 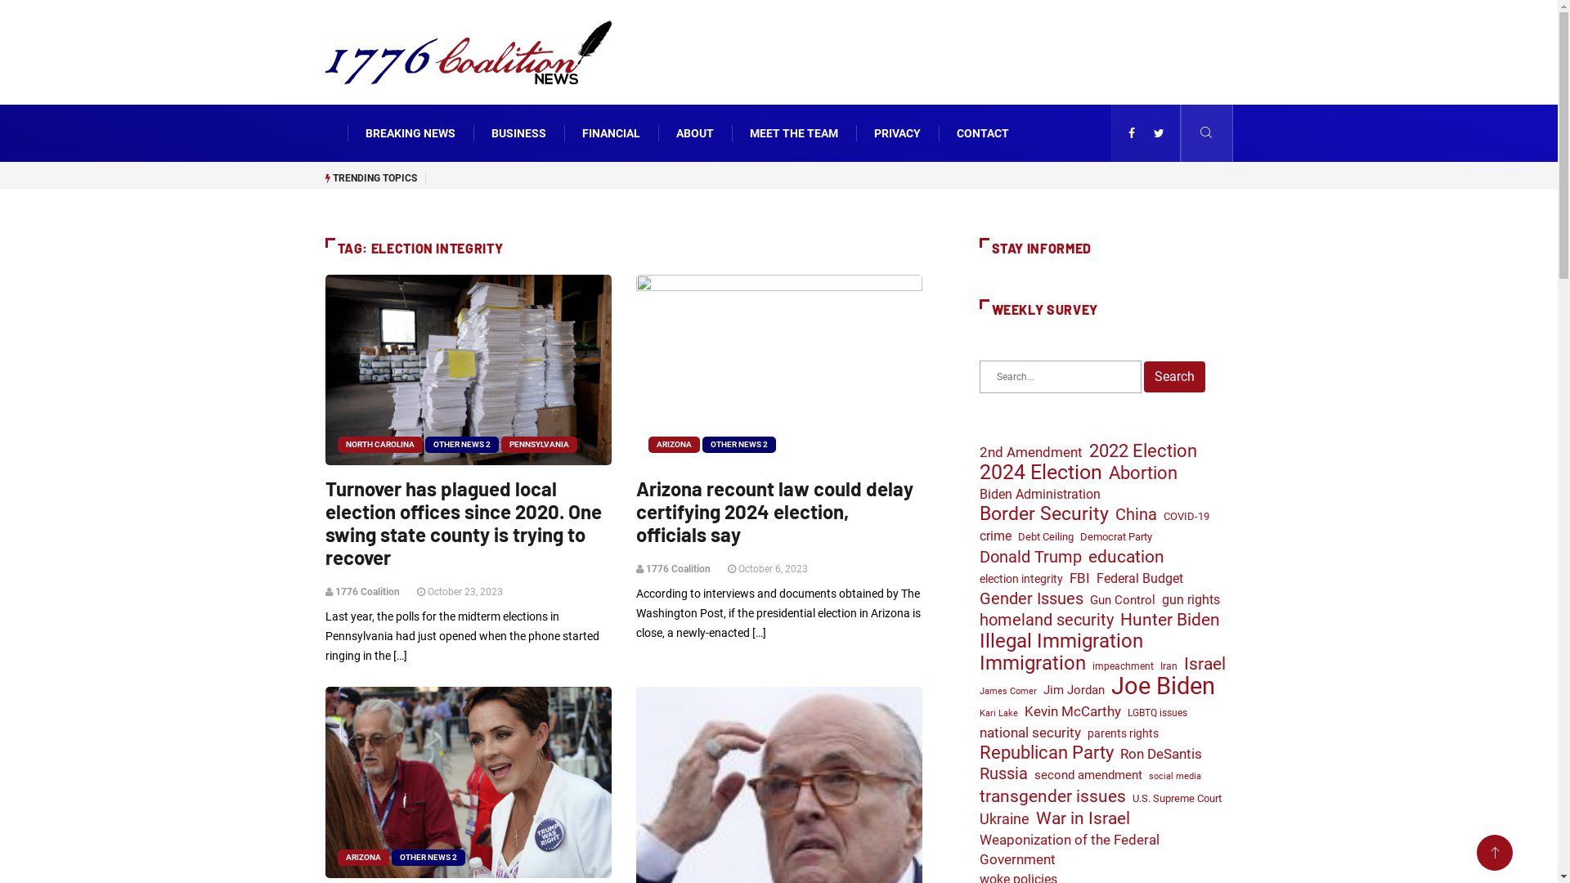 What do you see at coordinates (1047, 621) in the screenshot?
I see `'homeland security'` at bounding box center [1047, 621].